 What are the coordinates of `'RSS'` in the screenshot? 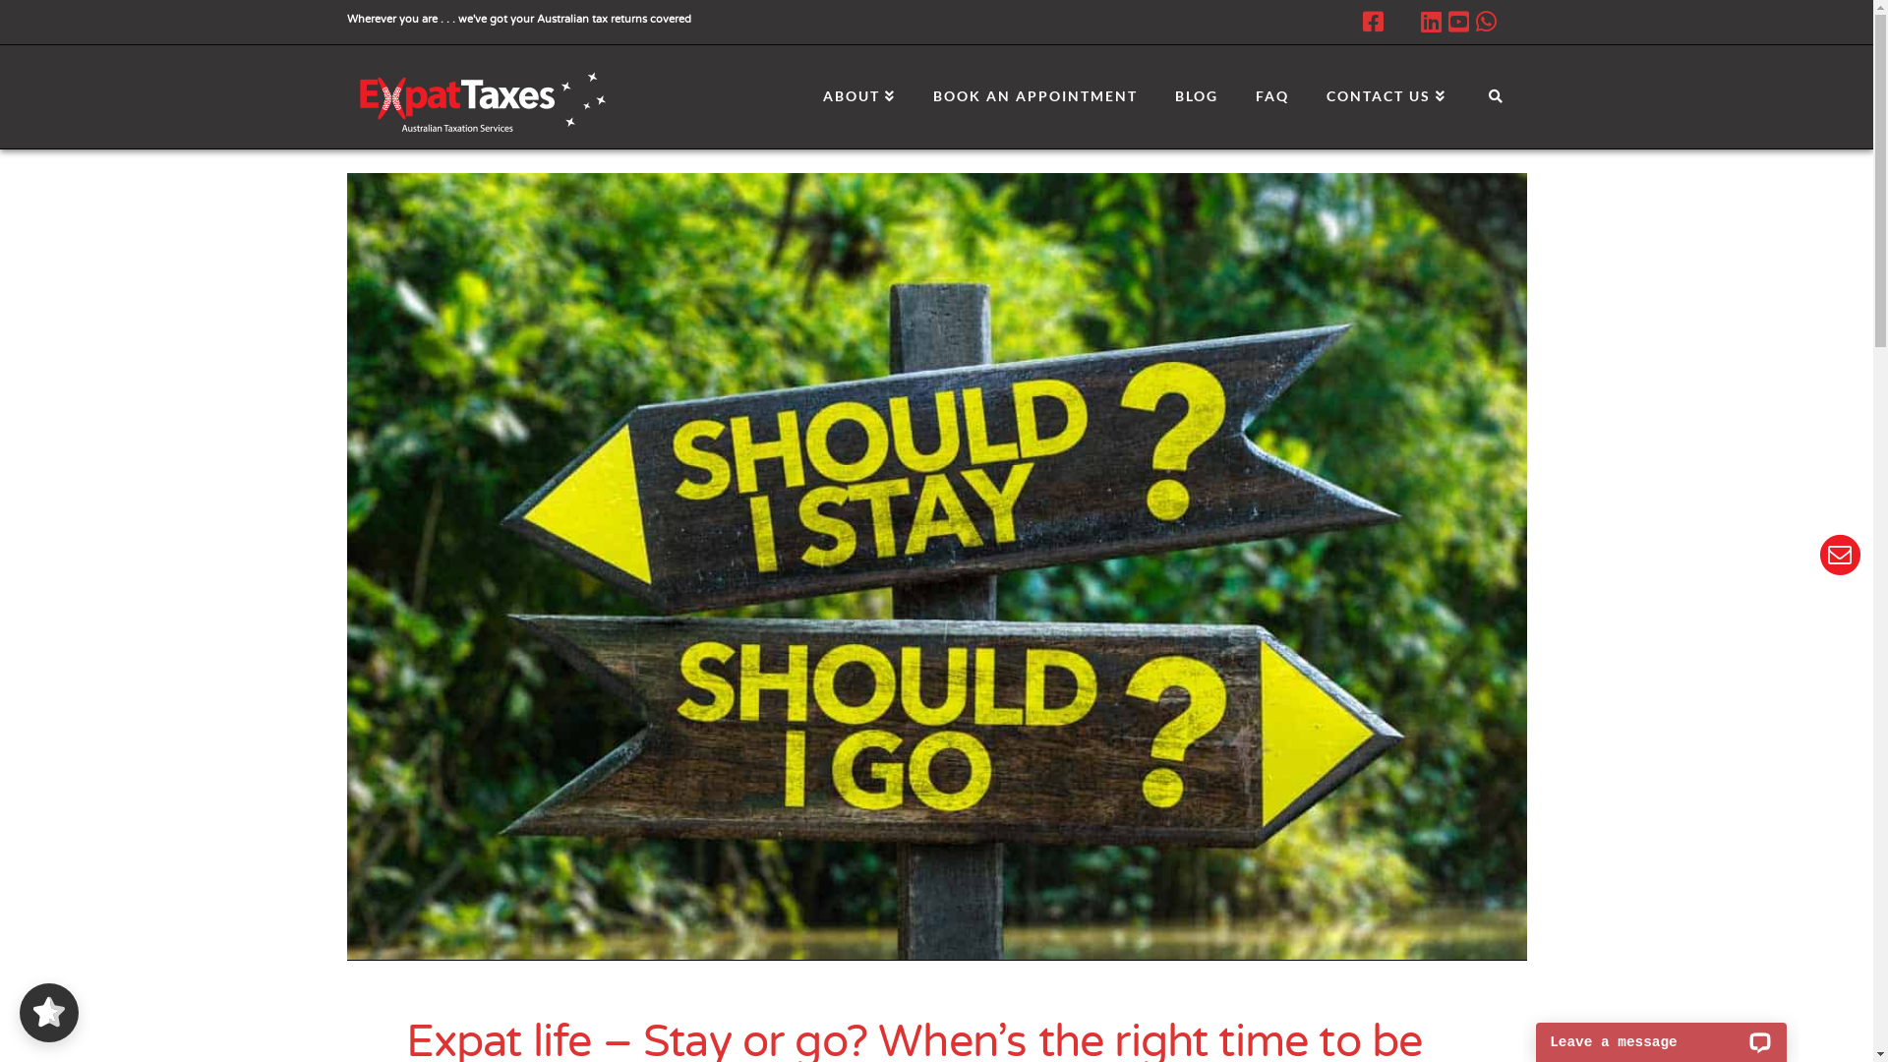 It's located at (1501, 22).